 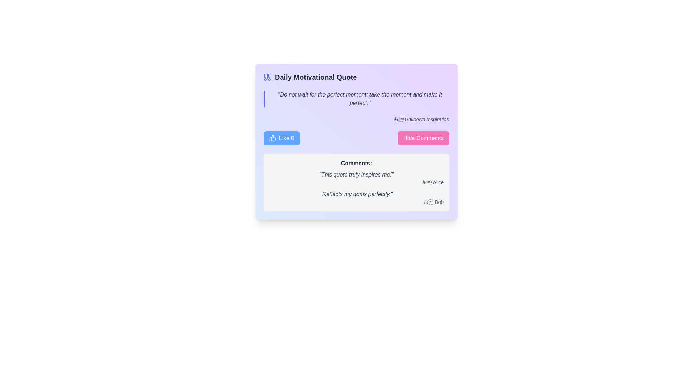 What do you see at coordinates (423, 138) in the screenshot?
I see `the interactive button located in the header section of the comment box` at bounding box center [423, 138].